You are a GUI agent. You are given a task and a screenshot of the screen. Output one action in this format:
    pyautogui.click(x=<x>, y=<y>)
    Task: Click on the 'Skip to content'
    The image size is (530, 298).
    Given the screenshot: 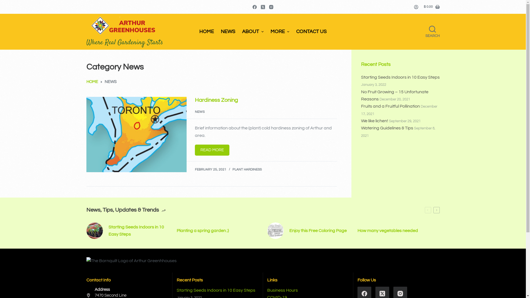 What is the action you would take?
    pyautogui.click(x=5, y=3)
    